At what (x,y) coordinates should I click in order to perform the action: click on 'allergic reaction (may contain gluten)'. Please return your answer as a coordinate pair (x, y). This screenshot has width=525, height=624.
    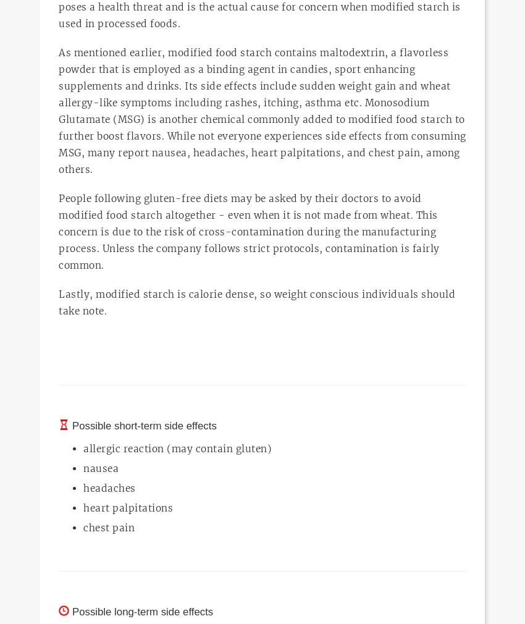
    Looking at the image, I should click on (177, 448).